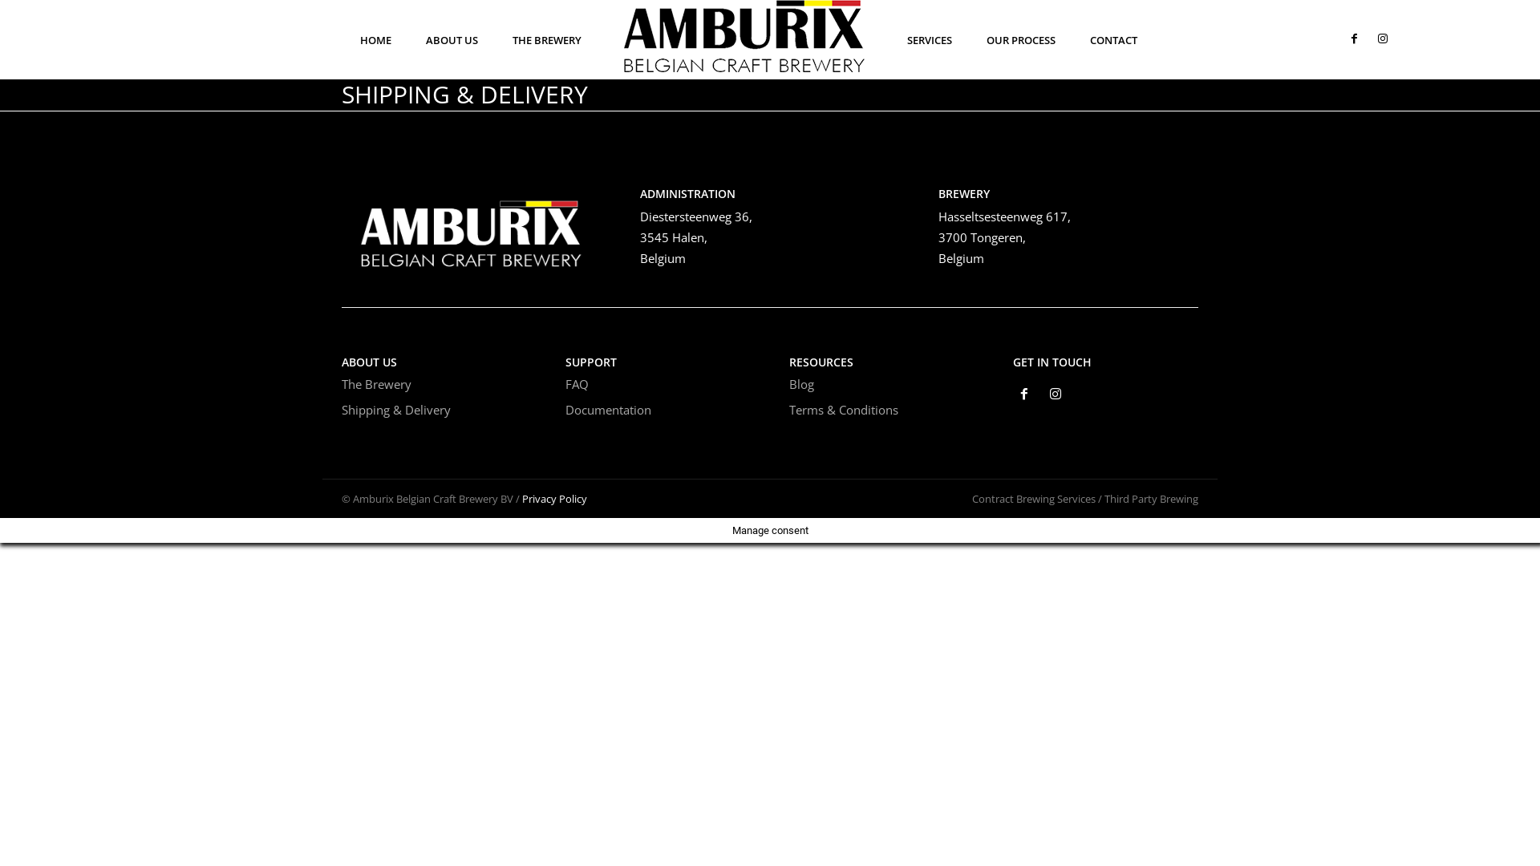 This screenshot has height=866, width=1540. Describe the element at coordinates (471, 228) in the screenshot. I see `'Amburix Belgian Craft Brewery'` at that location.